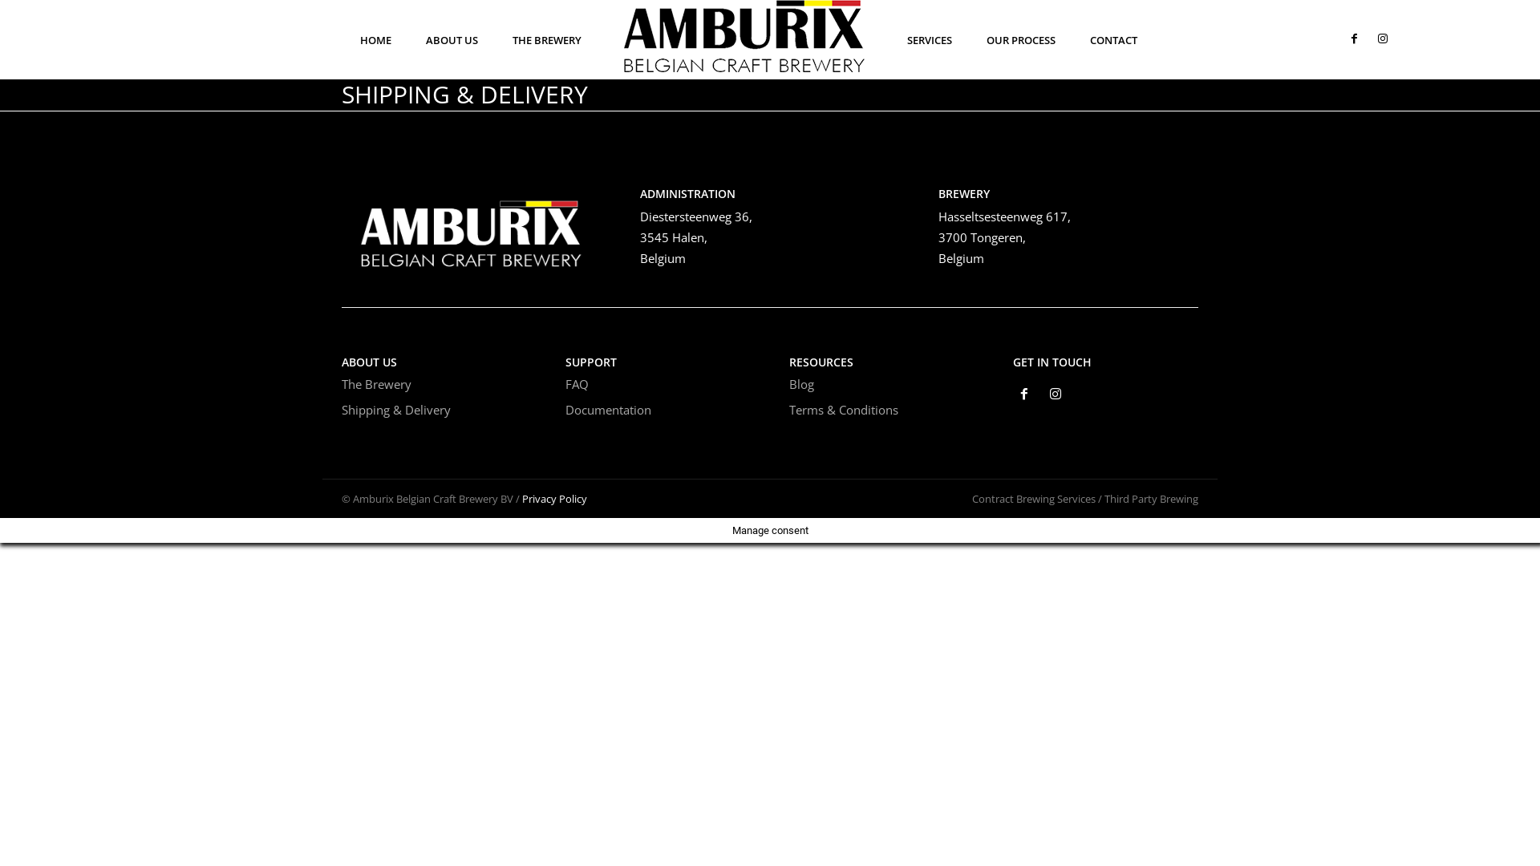 This screenshot has height=866, width=1540. Describe the element at coordinates (471, 228) in the screenshot. I see `'Amburix Belgian Craft Brewery'` at that location.